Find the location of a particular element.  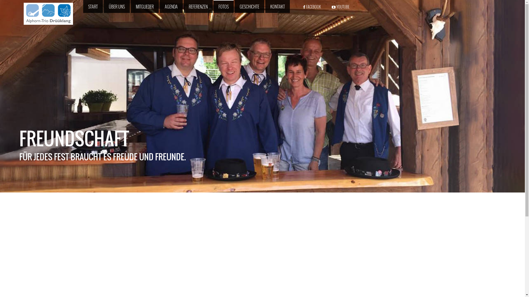

'GESCHICHTE' is located at coordinates (249, 7).